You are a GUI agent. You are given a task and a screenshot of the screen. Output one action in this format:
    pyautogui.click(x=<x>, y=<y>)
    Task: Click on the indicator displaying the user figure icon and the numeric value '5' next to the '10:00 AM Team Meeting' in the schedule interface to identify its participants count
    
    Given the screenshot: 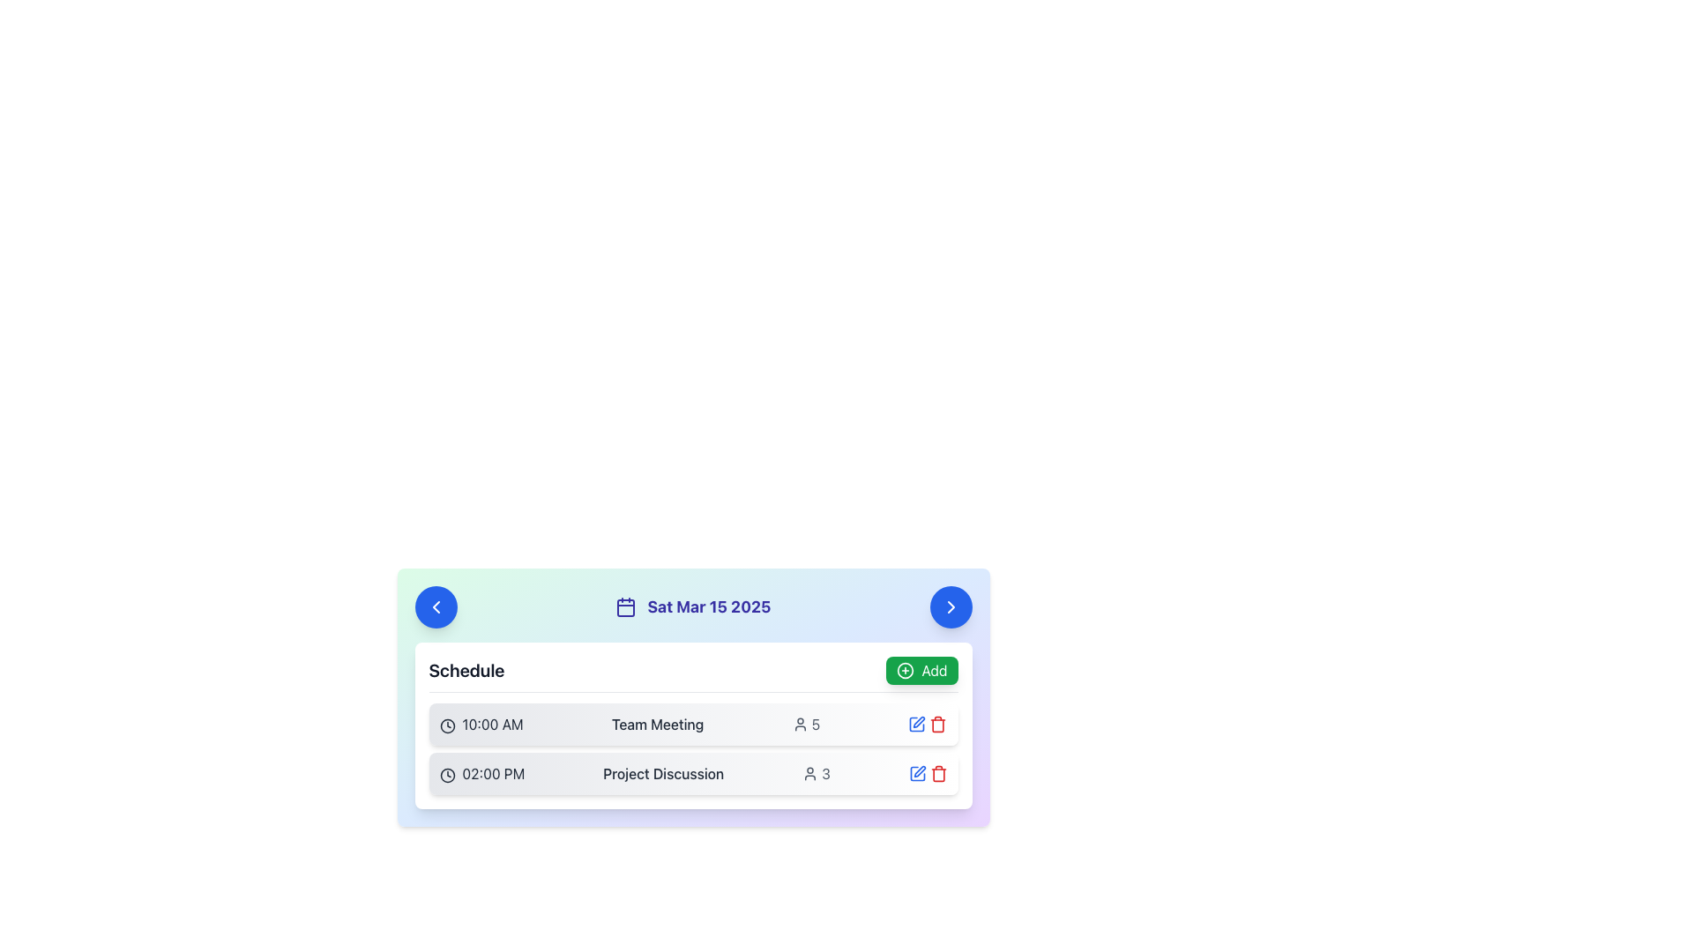 What is the action you would take?
    pyautogui.click(x=805, y=724)
    